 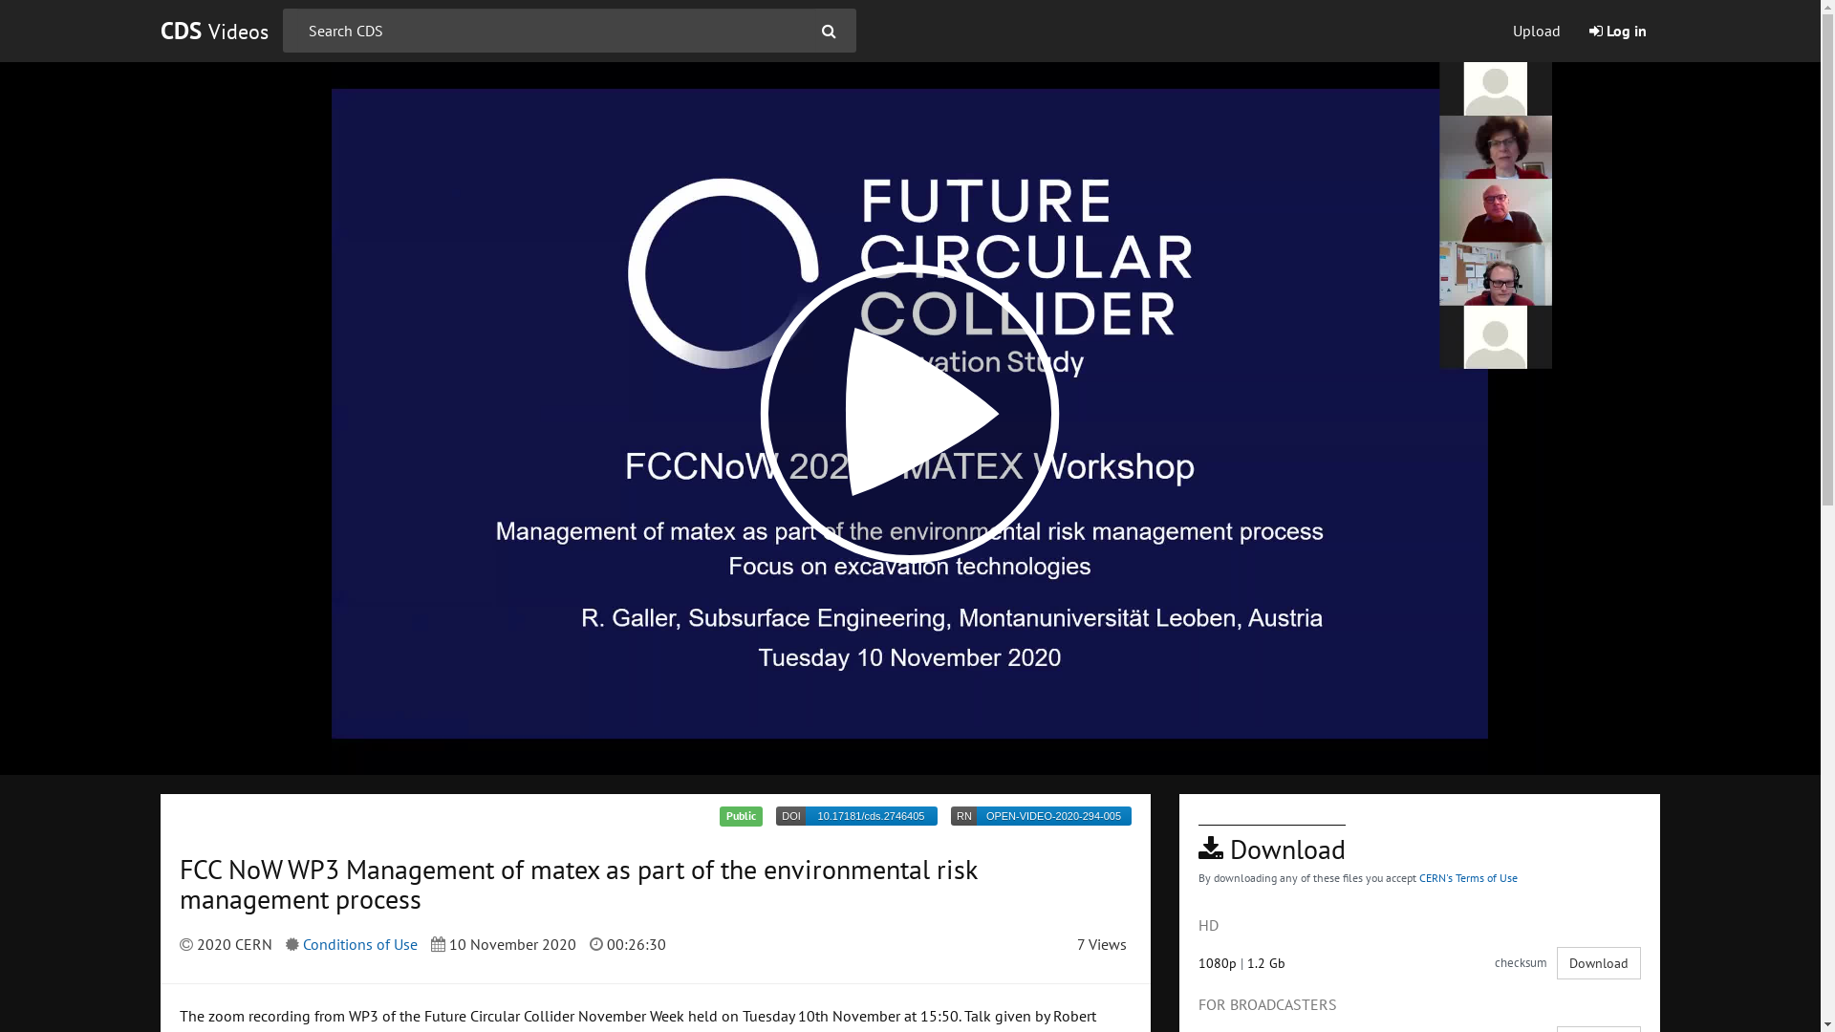 What do you see at coordinates (1467, 877) in the screenshot?
I see `'CERN's Terms of Use'` at bounding box center [1467, 877].